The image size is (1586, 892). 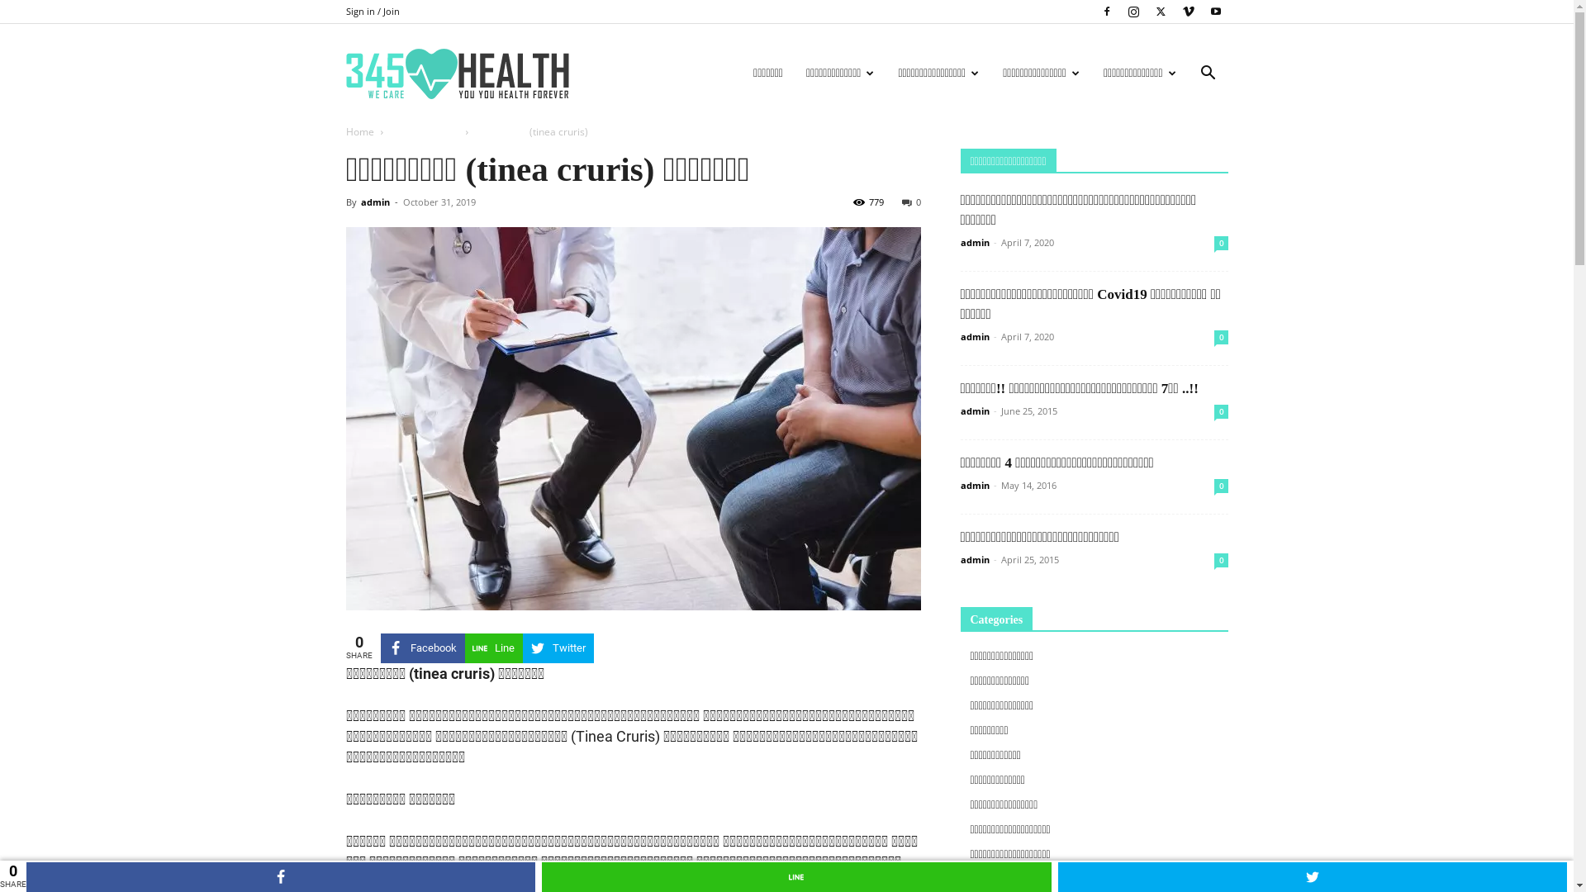 What do you see at coordinates (1214, 12) in the screenshot?
I see `'Youtube'` at bounding box center [1214, 12].